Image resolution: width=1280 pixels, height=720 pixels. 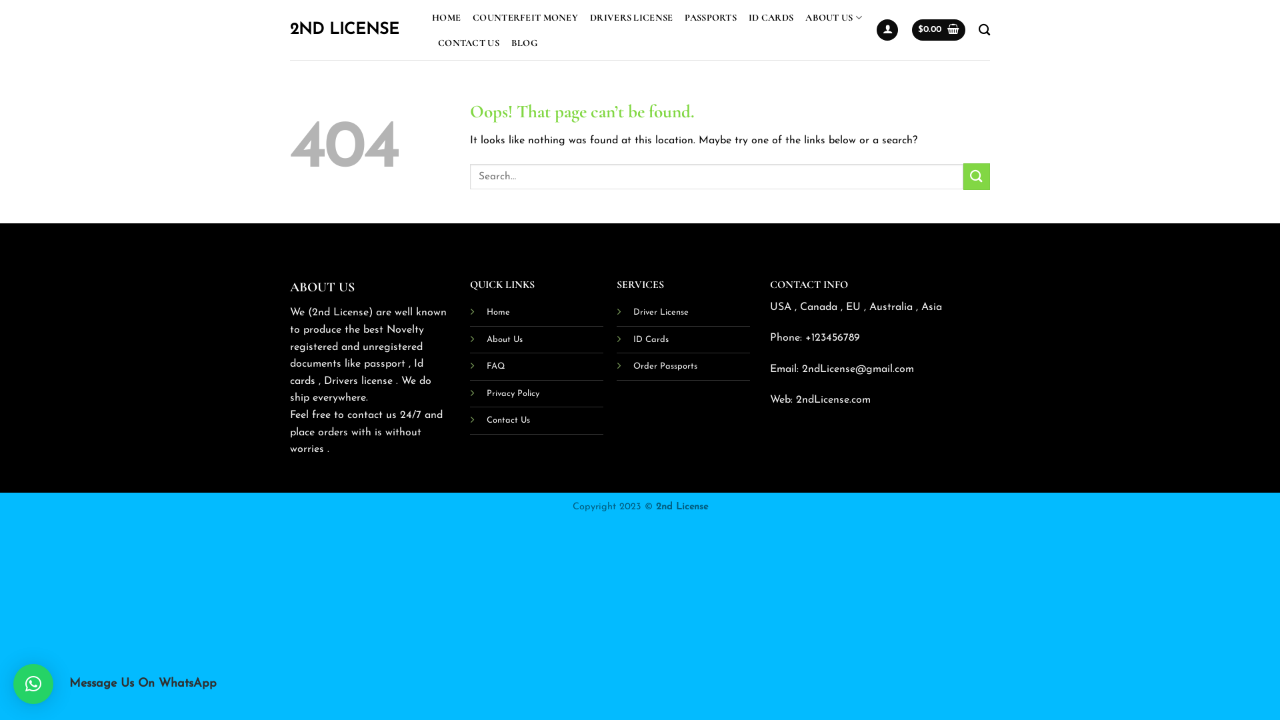 What do you see at coordinates (796, 399) in the screenshot?
I see `'2ndLicense.com'` at bounding box center [796, 399].